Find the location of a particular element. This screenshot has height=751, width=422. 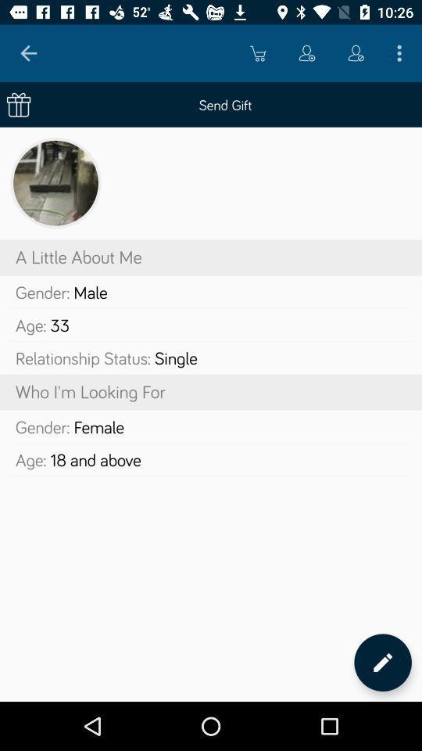

edit is located at coordinates (382, 662).